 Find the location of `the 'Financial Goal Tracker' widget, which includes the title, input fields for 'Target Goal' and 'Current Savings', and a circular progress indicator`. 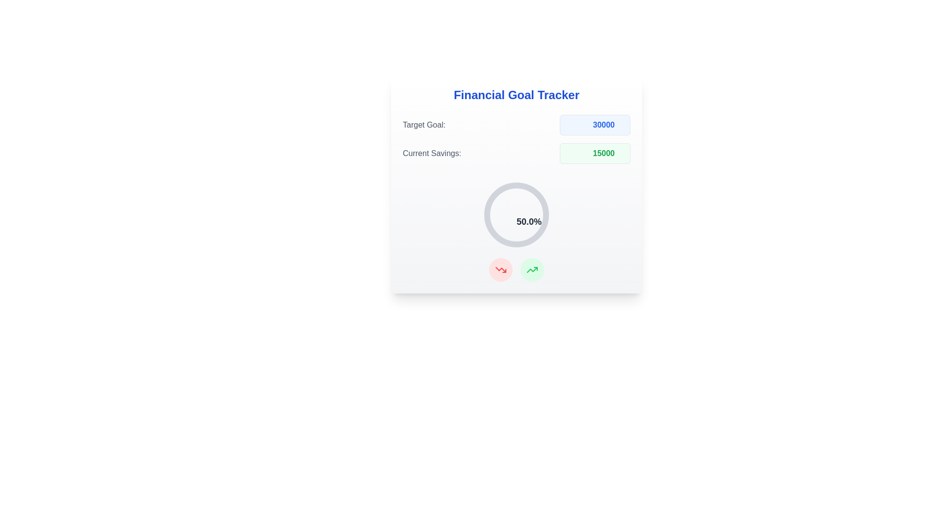

the 'Financial Goal Tracker' widget, which includes the title, input fields for 'Target Goal' and 'Current Savings', and a circular progress indicator is located at coordinates (516, 184).